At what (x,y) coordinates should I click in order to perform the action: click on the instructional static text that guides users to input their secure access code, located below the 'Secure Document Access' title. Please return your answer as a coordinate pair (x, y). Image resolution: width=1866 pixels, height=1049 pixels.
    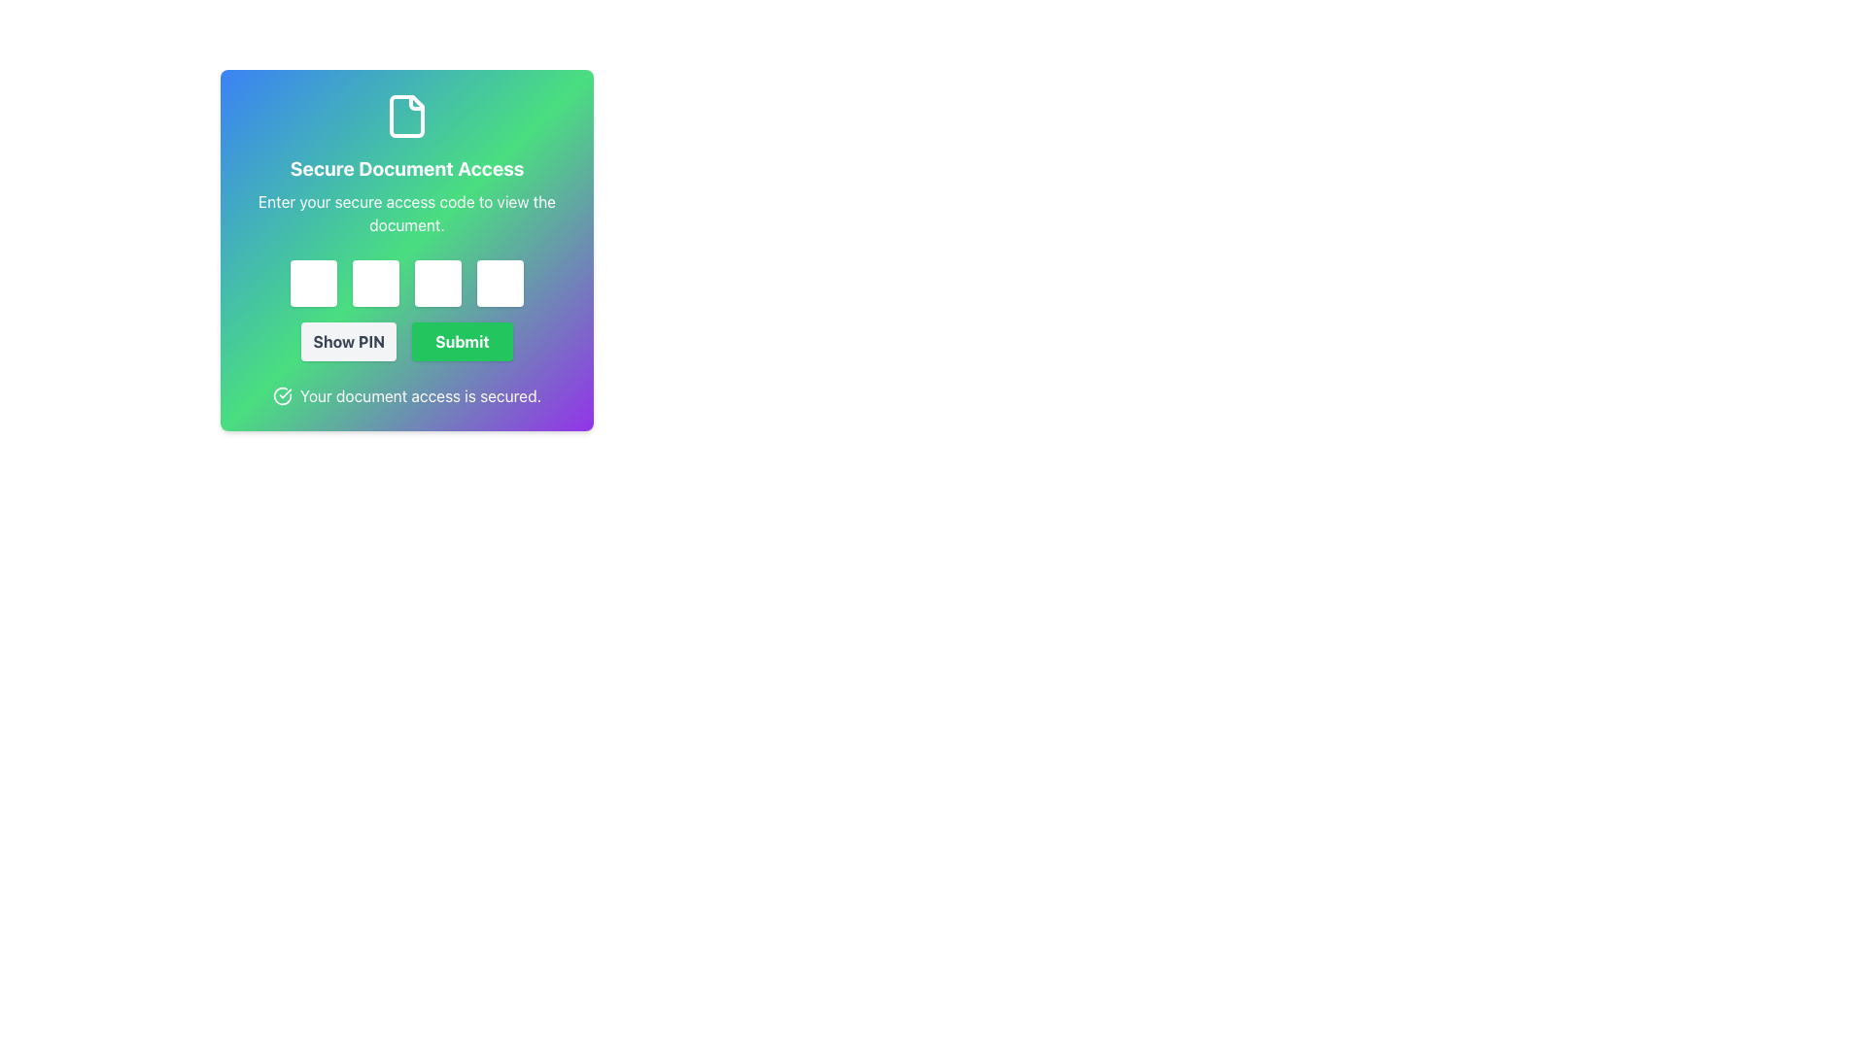
    Looking at the image, I should click on (405, 213).